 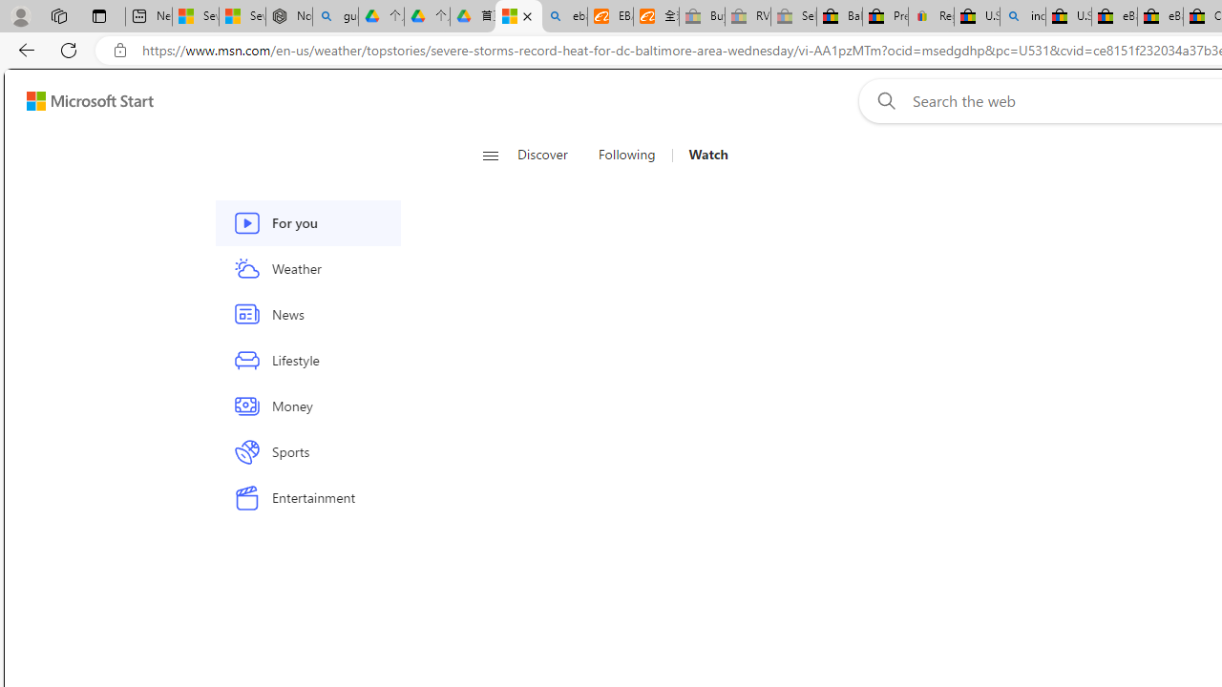 What do you see at coordinates (77, 100) in the screenshot?
I see `'Skip to footer'` at bounding box center [77, 100].